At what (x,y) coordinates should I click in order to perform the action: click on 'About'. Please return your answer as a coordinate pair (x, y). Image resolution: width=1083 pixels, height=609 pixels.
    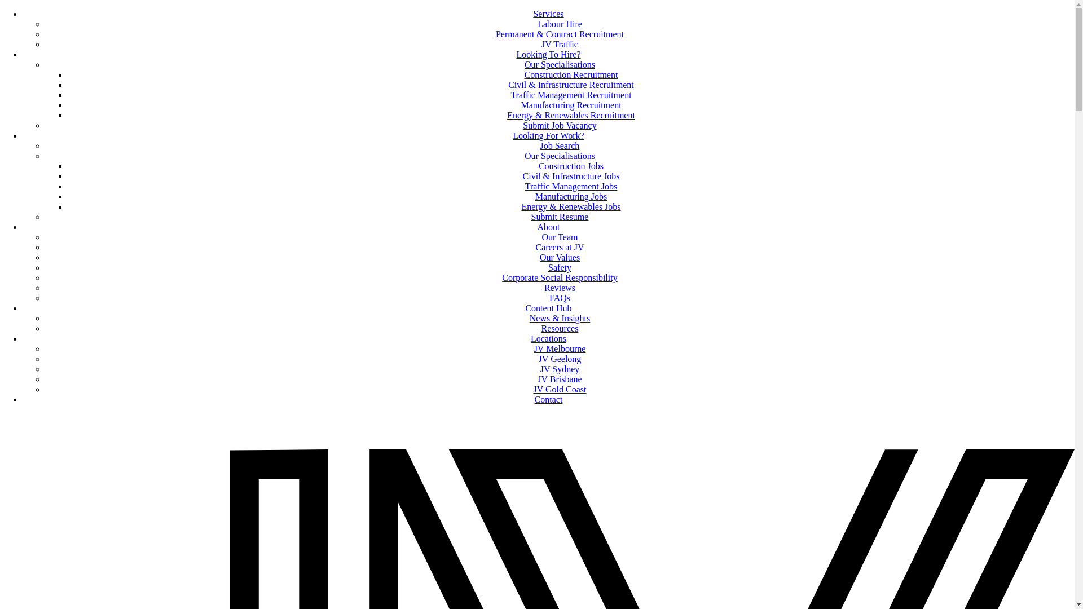
    Looking at the image, I should click on (548, 227).